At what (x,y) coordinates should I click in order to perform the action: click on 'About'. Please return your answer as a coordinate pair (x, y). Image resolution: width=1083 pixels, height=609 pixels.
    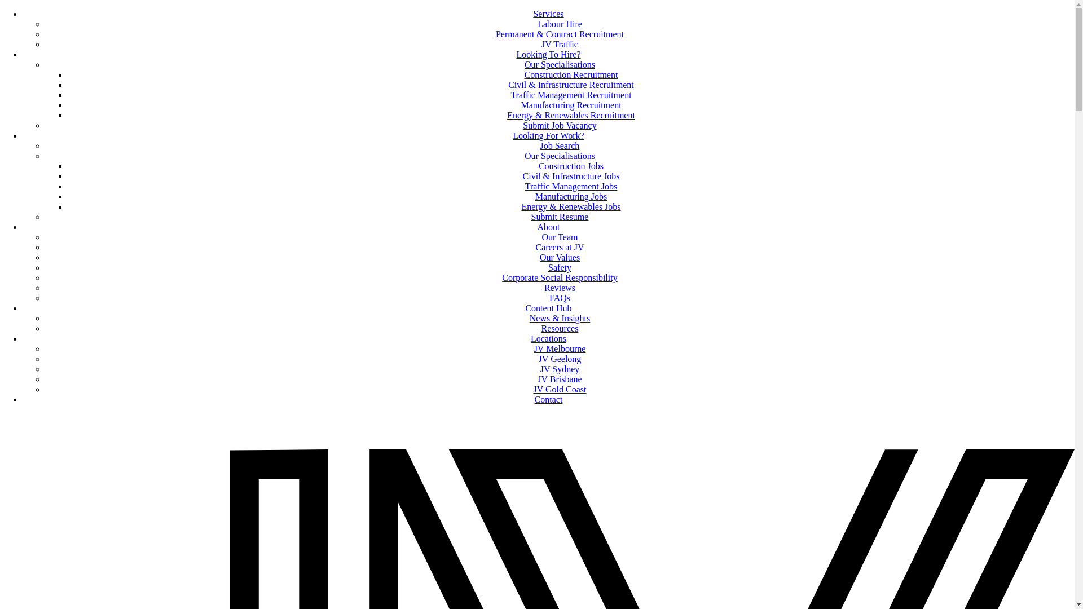
    Looking at the image, I should click on (548, 227).